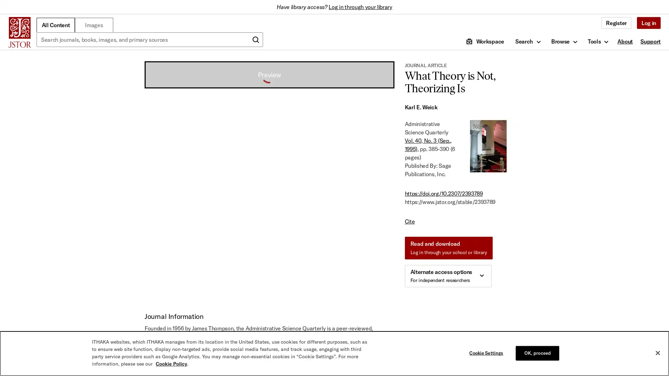 This screenshot has width=669, height=376. What do you see at coordinates (537, 353) in the screenshot?
I see `OK, proceed` at bounding box center [537, 353].